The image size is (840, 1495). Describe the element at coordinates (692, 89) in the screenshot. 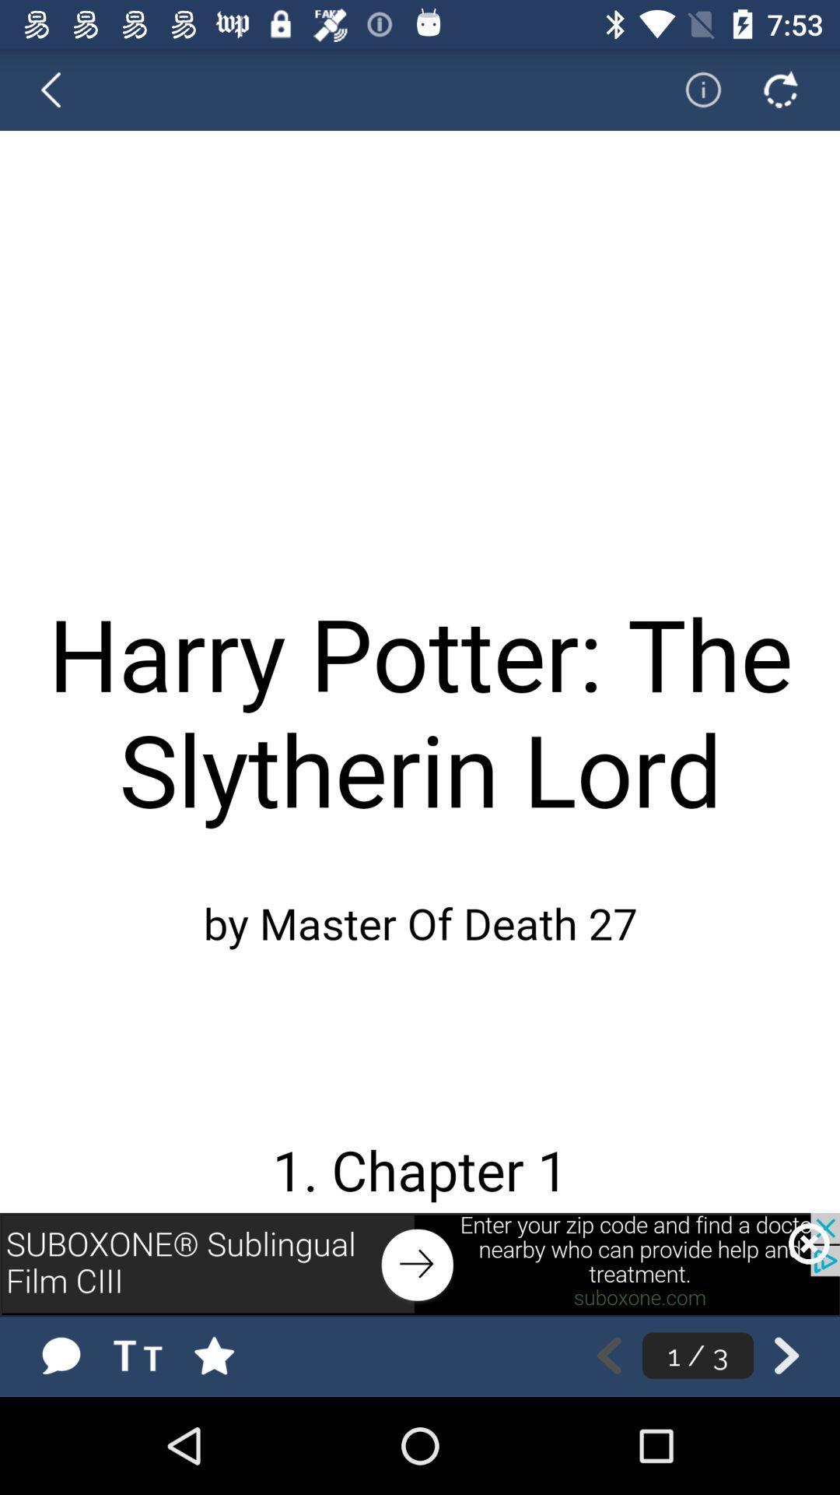

I see `information` at that location.